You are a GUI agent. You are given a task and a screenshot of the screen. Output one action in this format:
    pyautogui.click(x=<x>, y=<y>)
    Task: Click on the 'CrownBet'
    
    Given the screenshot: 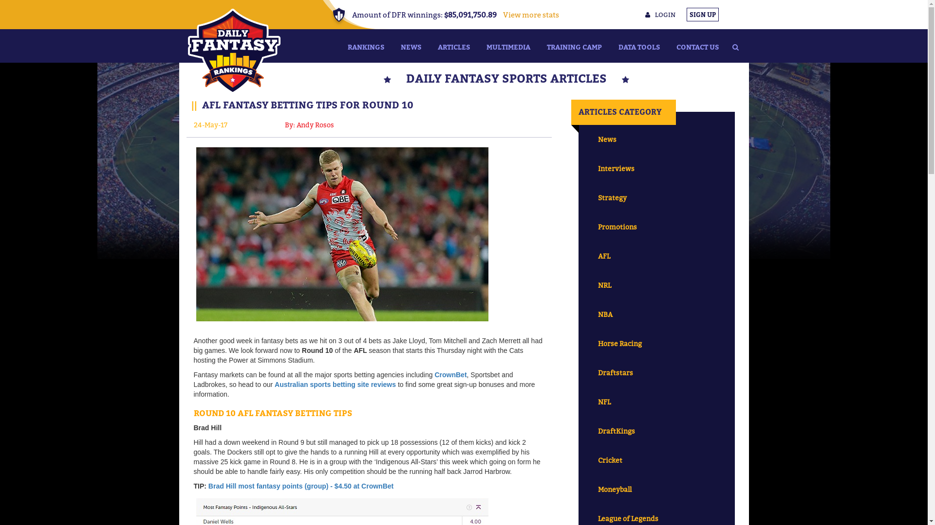 What is the action you would take?
    pyautogui.click(x=450, y=374)
    